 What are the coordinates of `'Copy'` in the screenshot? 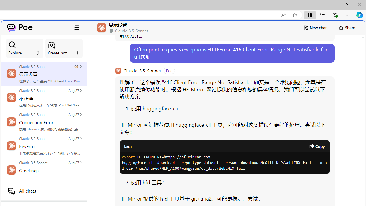 It's located at (316, 146).